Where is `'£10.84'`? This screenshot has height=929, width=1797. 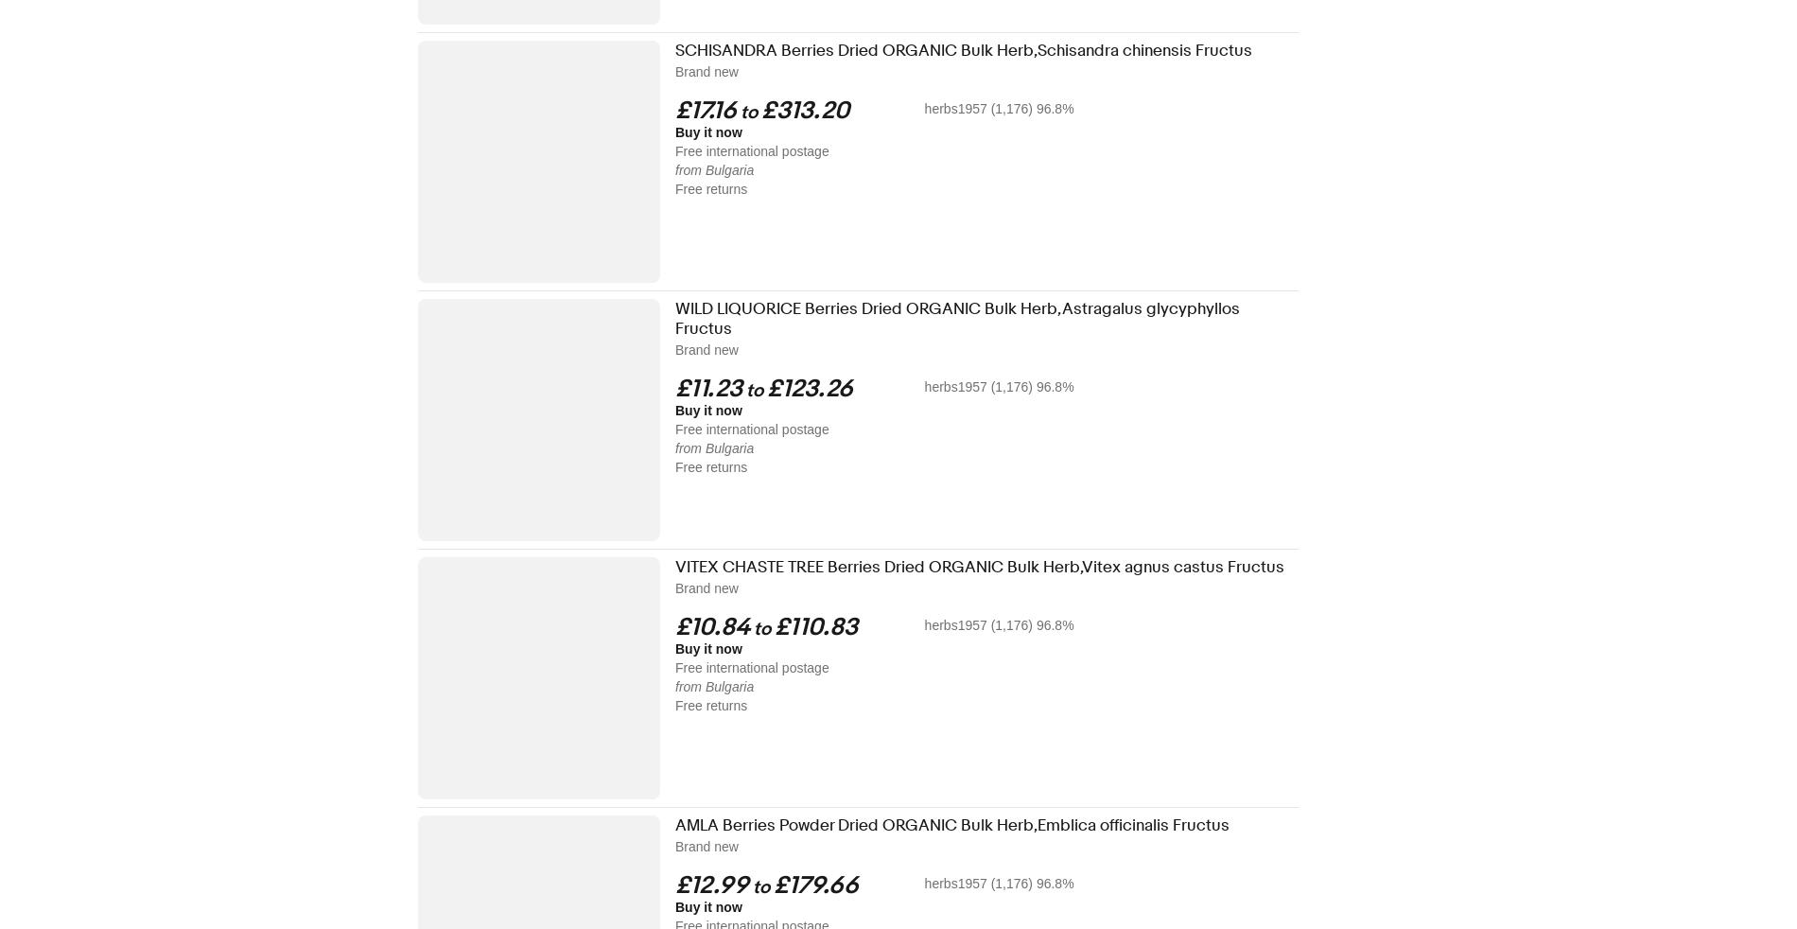 '£10.84' is located at coordinates (711, 626).